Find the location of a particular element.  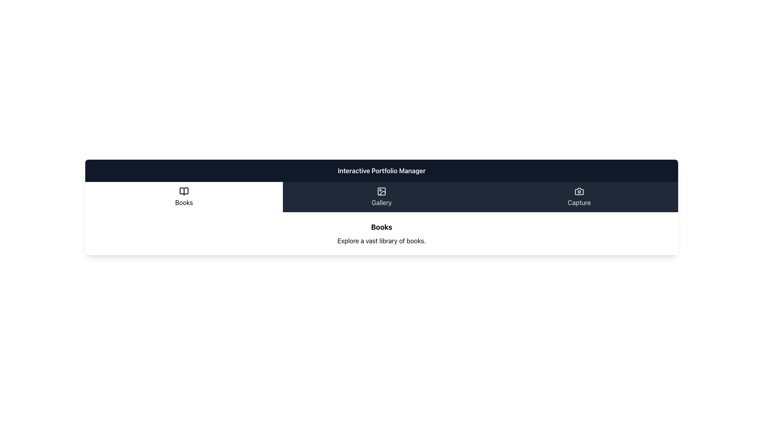

the central navigation button labeled with an icon is located at coordinates (381, 197).